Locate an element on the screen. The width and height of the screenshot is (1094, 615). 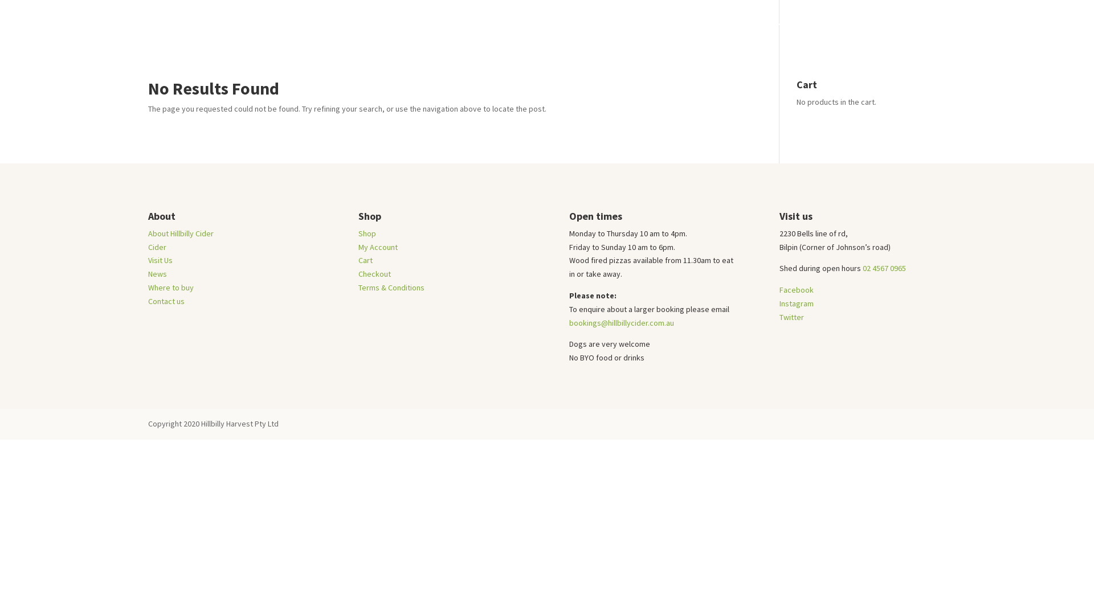
'About Hillbilly Cider' is located at coordinates (732, 32).